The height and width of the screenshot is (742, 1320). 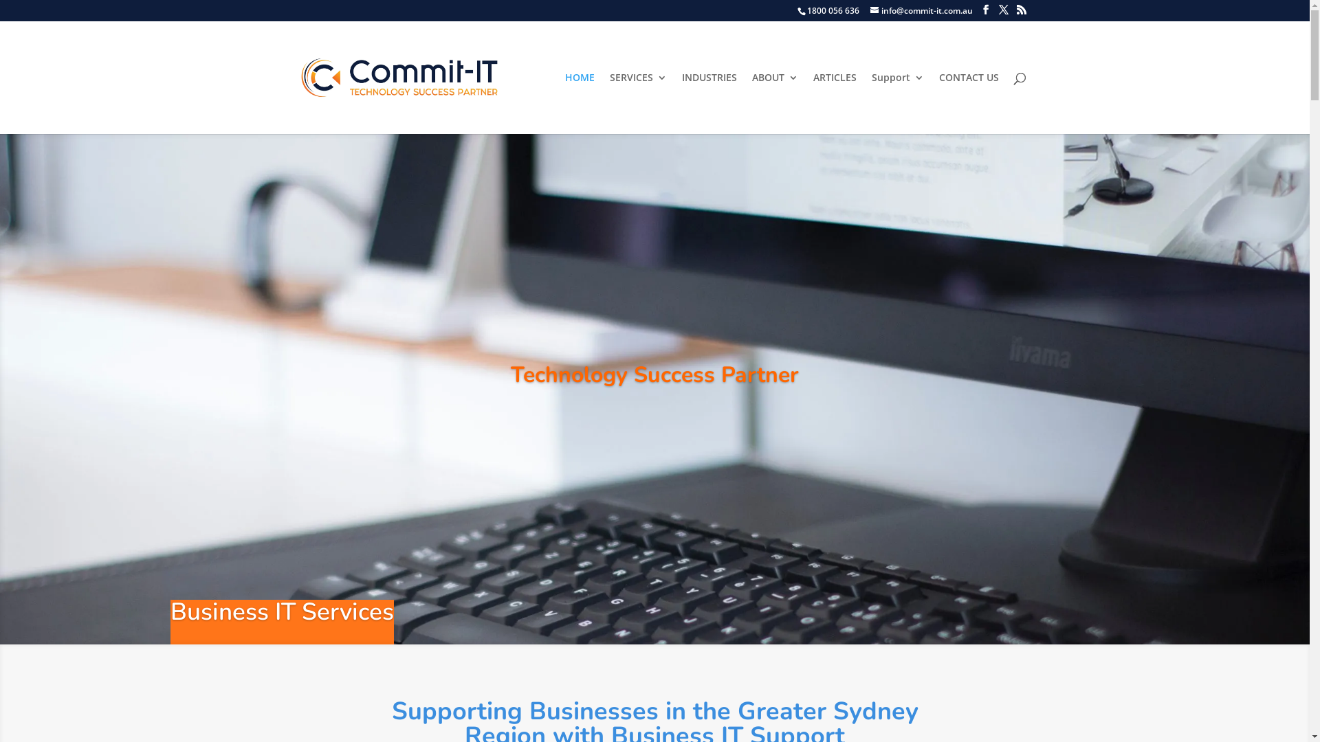 I want to click on 'info@commit-it.com.au', so click(x=870, y=10).